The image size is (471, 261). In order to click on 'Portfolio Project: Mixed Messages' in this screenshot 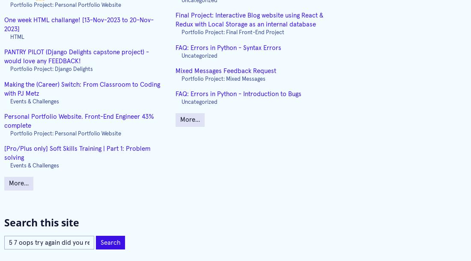, I will do `click(223, 79)`.